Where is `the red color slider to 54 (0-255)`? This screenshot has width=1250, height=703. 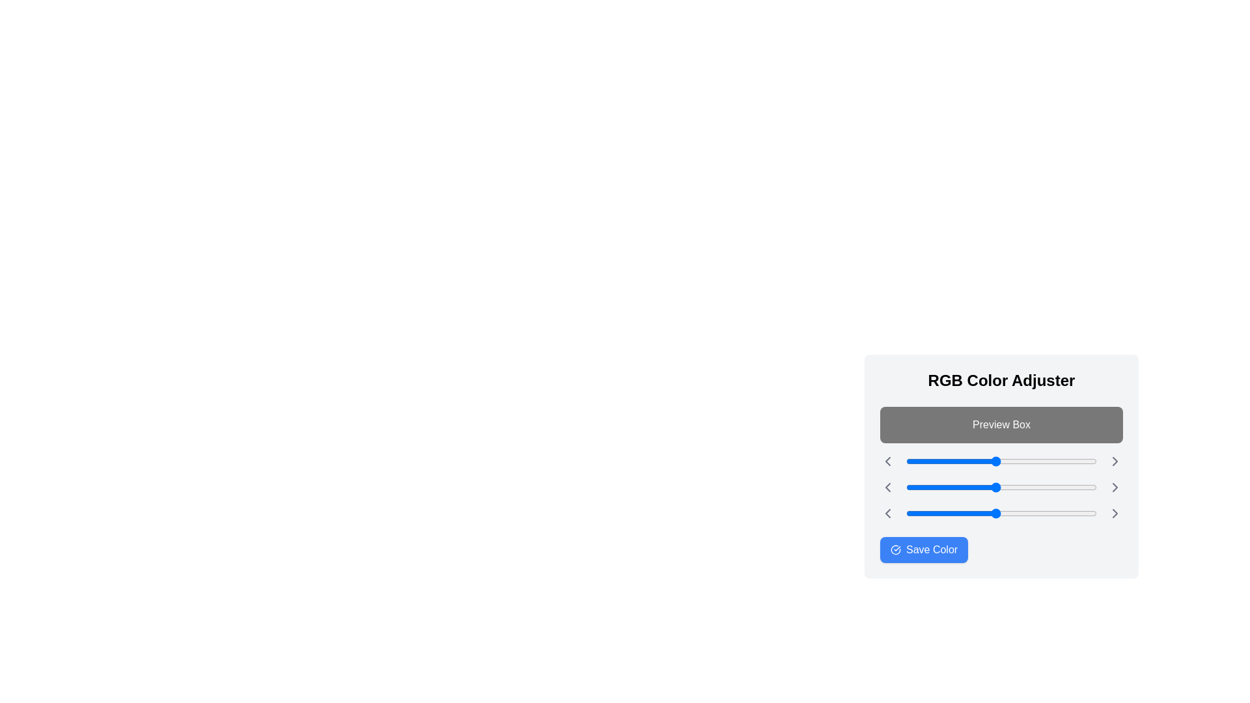
the red color slider to 54 (0-255) is located at coordinates (947, 461).